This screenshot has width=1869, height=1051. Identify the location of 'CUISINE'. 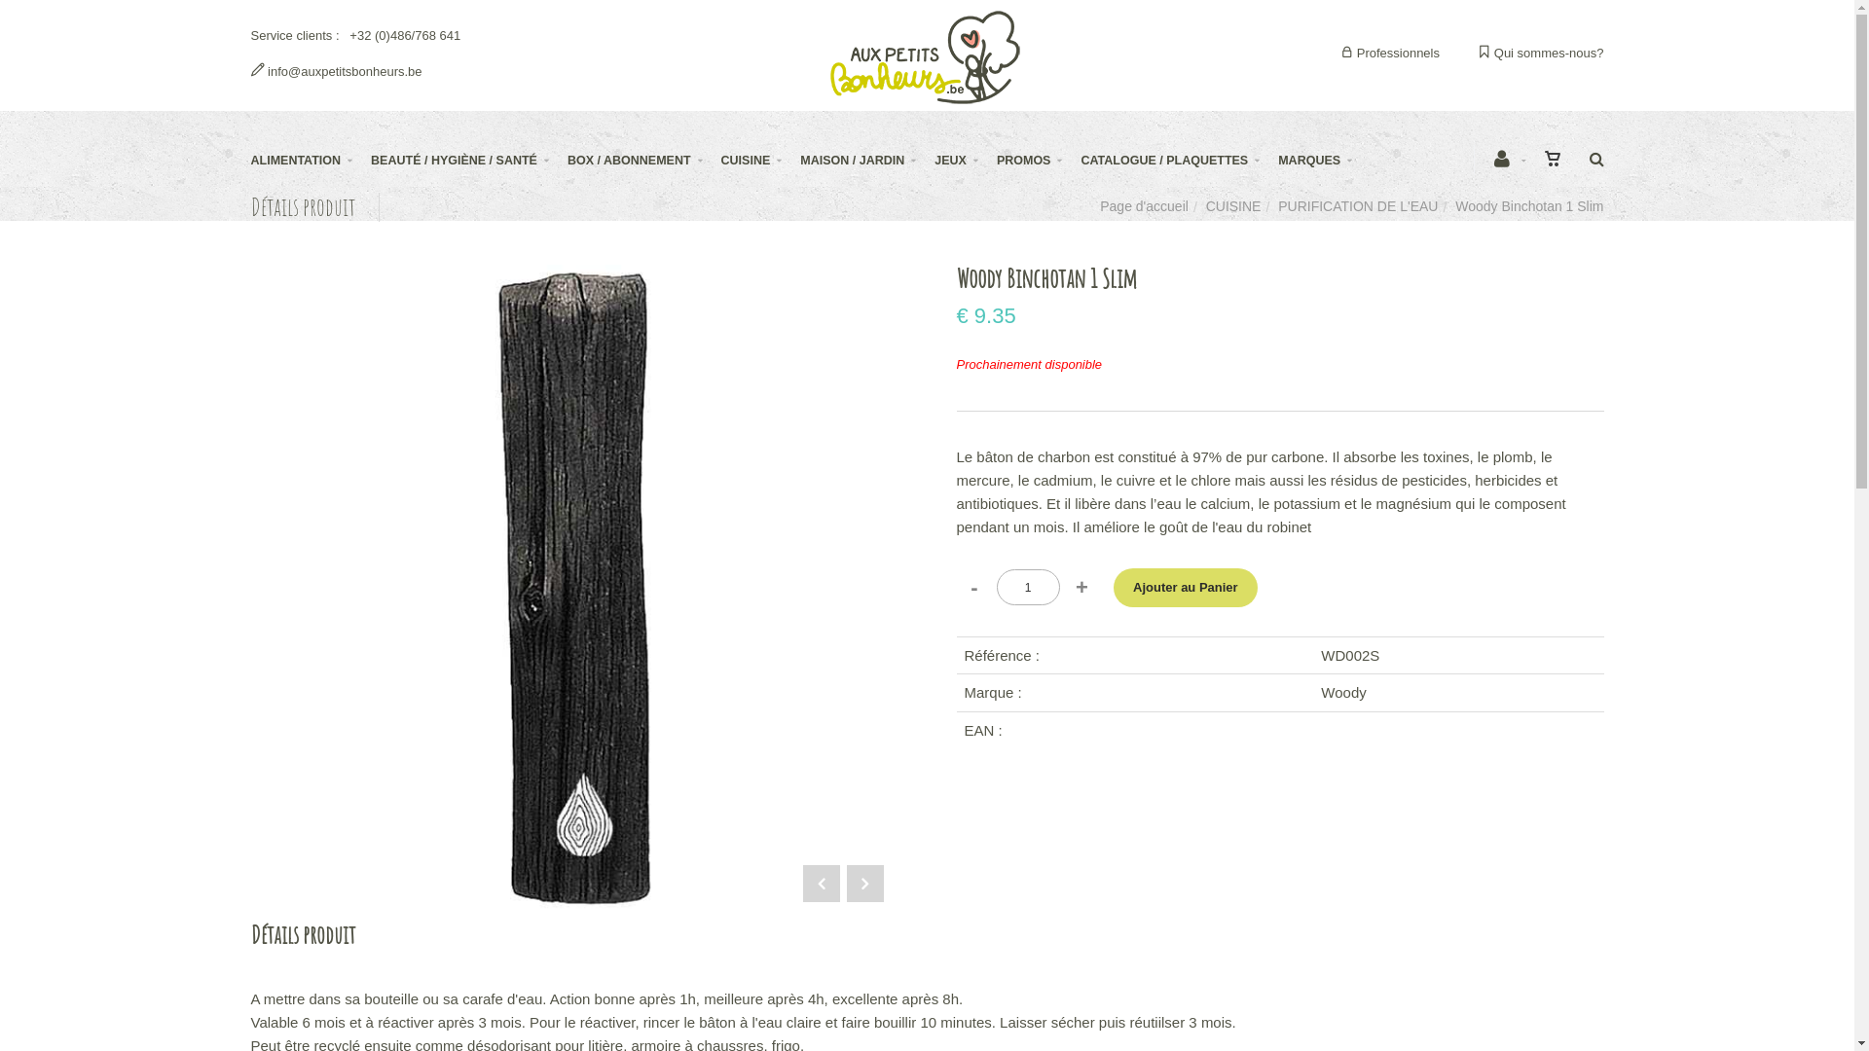
(719, 160).